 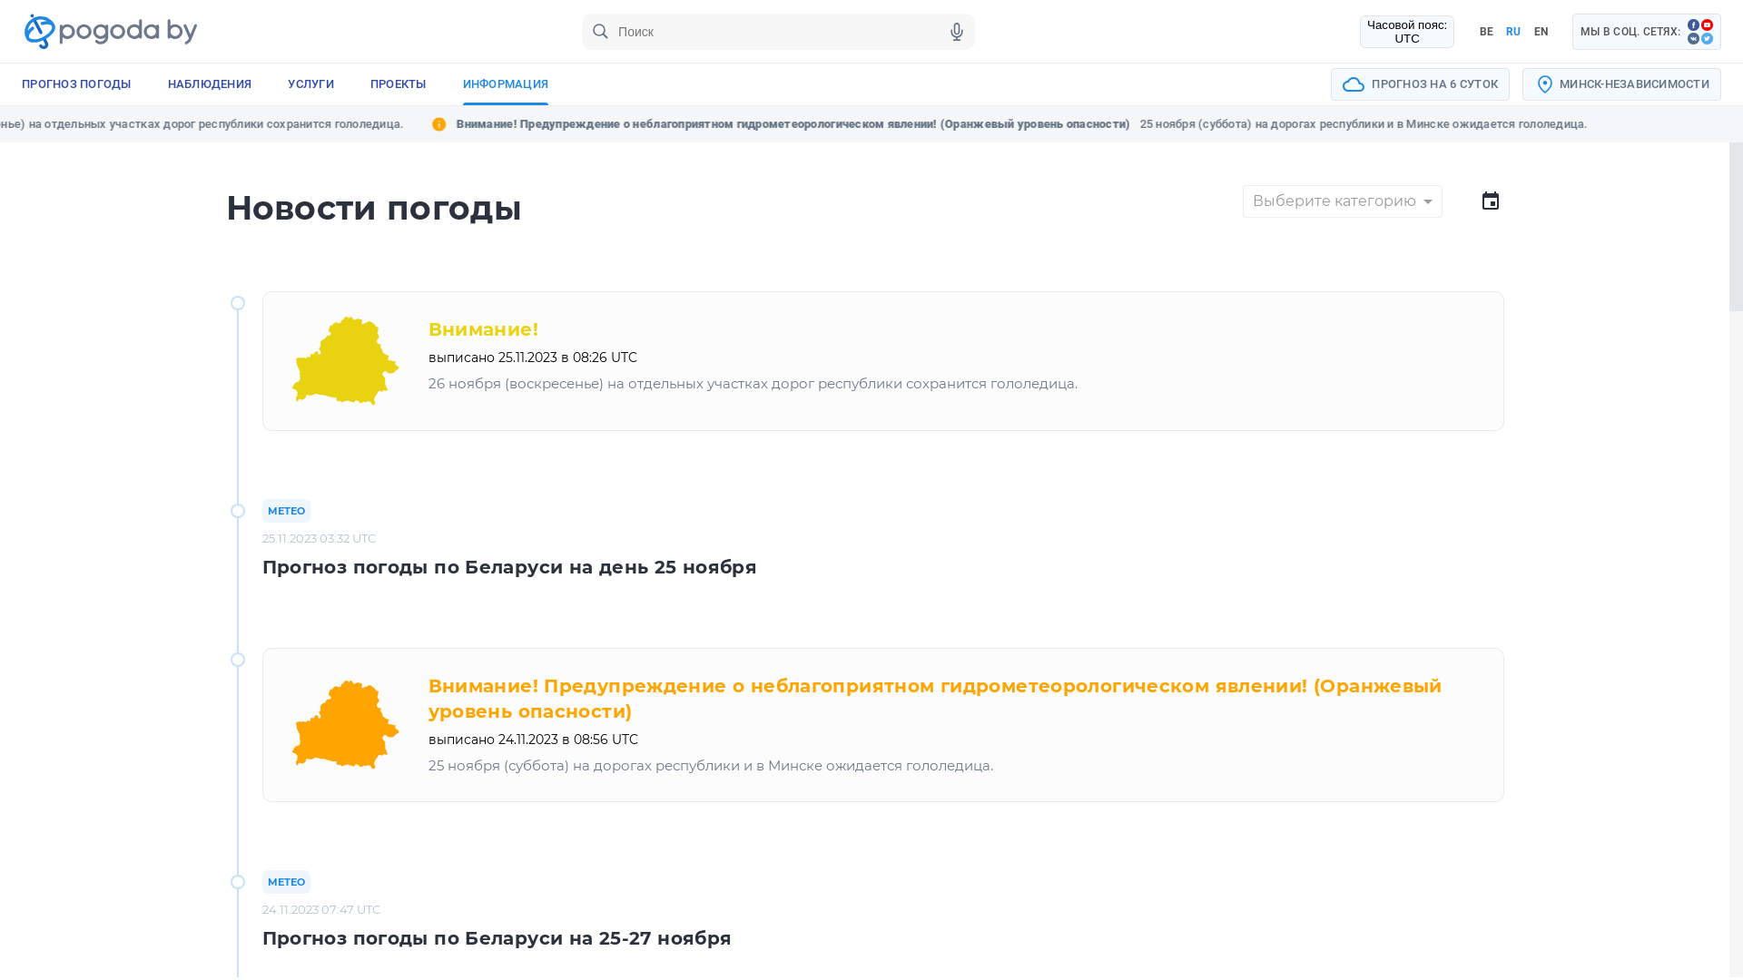 What do you see at coordinates (1472, 31) in the screenshot?
I see `'BE'` at bounding box center [1472, 31].